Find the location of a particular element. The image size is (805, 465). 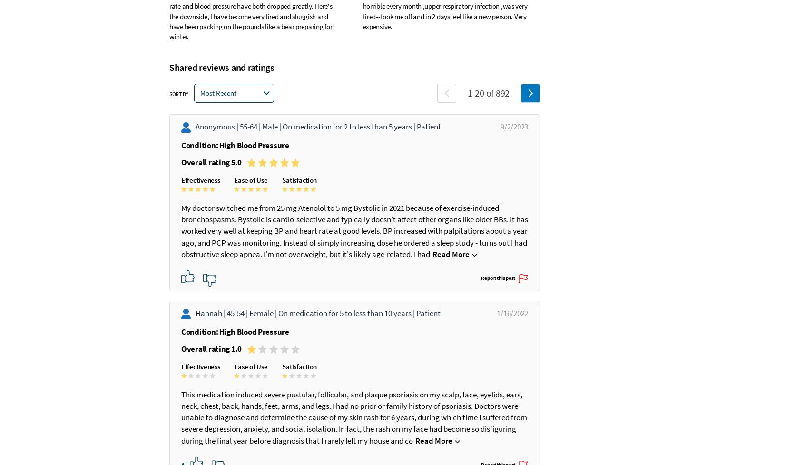

'Find a Pharmacy' is located at coordinates (579, 133).